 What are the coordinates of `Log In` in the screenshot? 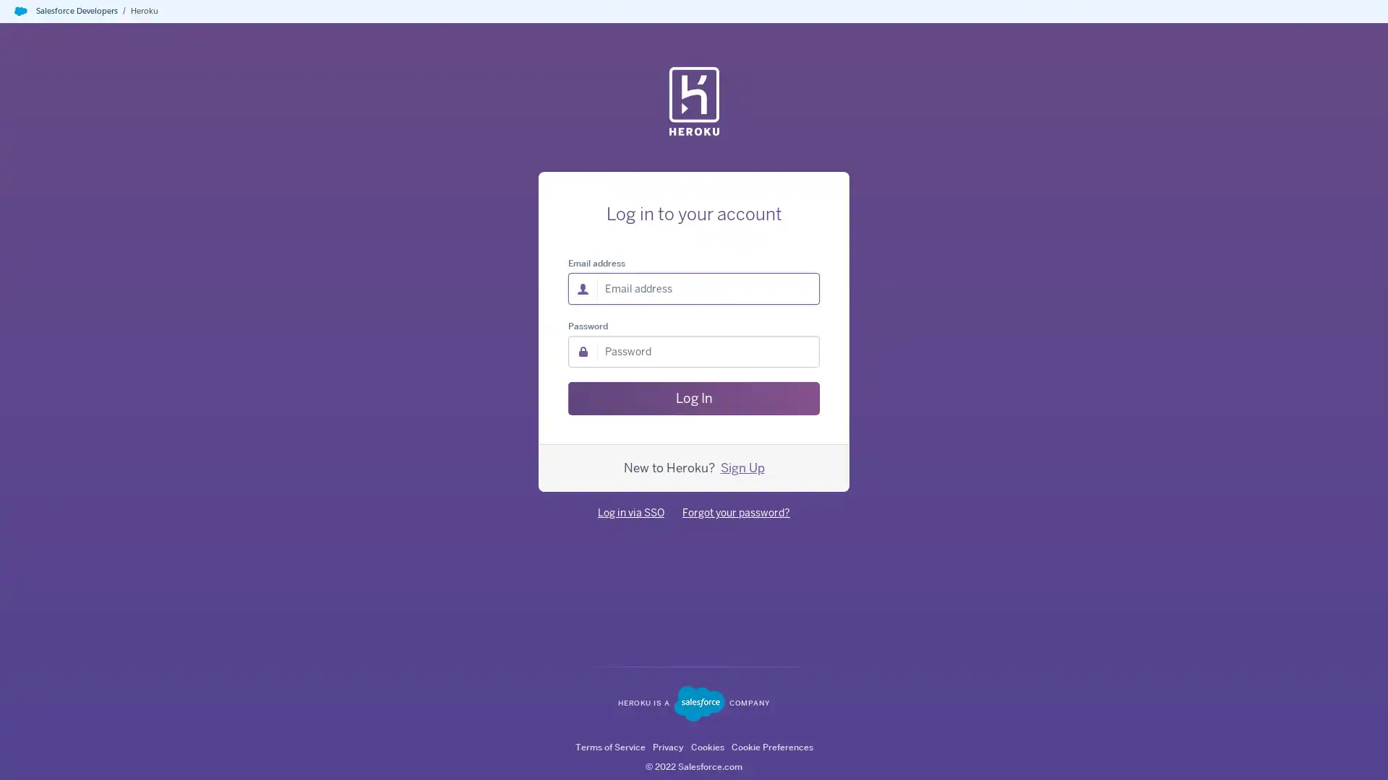 It's located at (694, 398).